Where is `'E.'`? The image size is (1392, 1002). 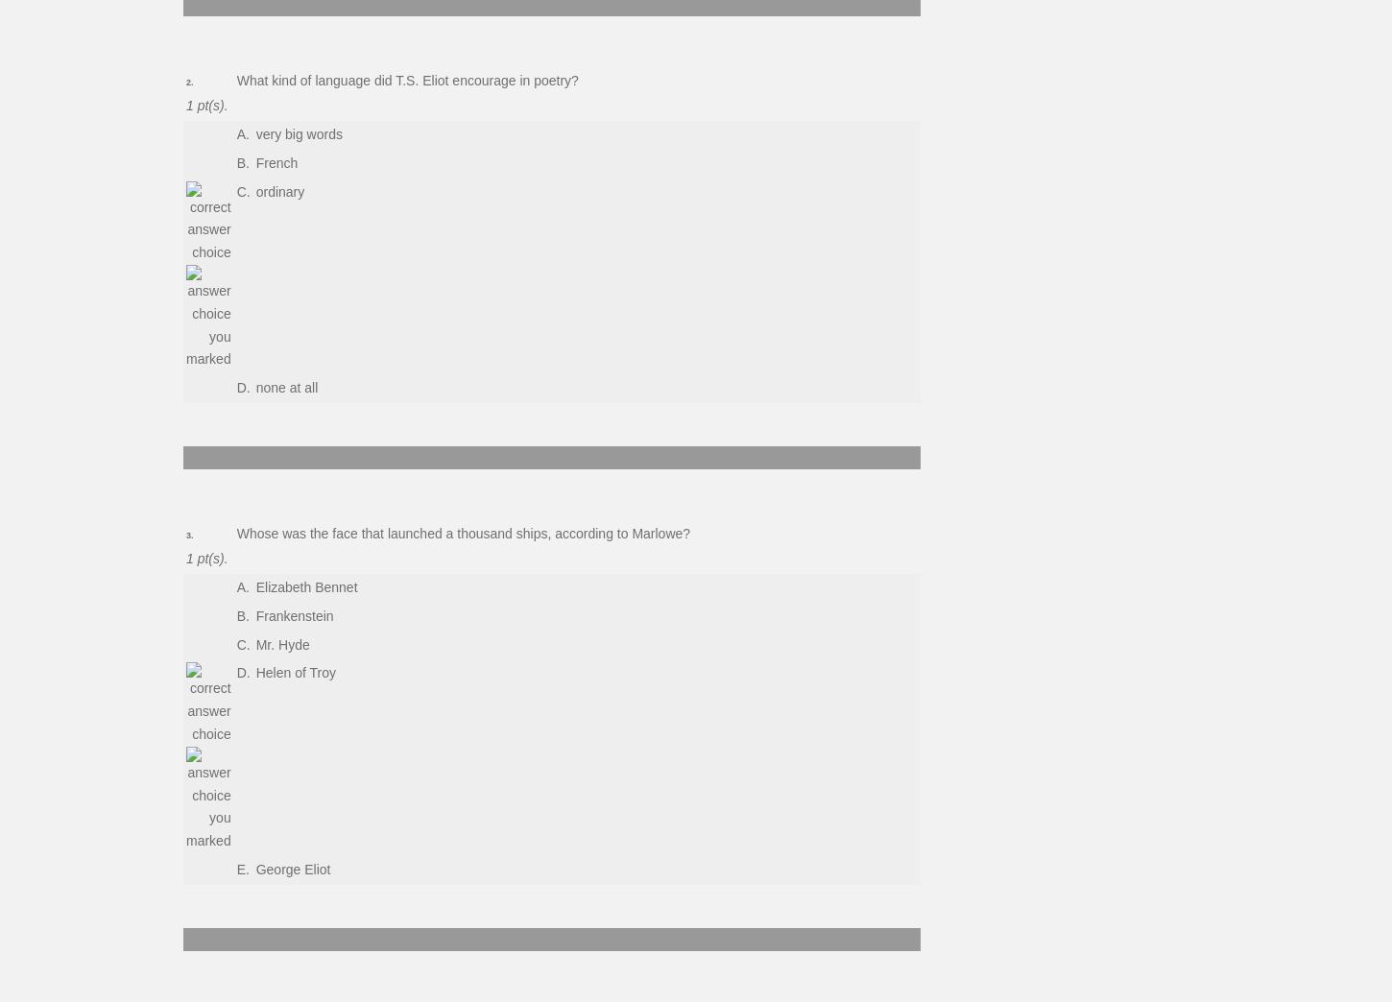 'E.' is located at coordinates (242, 869).